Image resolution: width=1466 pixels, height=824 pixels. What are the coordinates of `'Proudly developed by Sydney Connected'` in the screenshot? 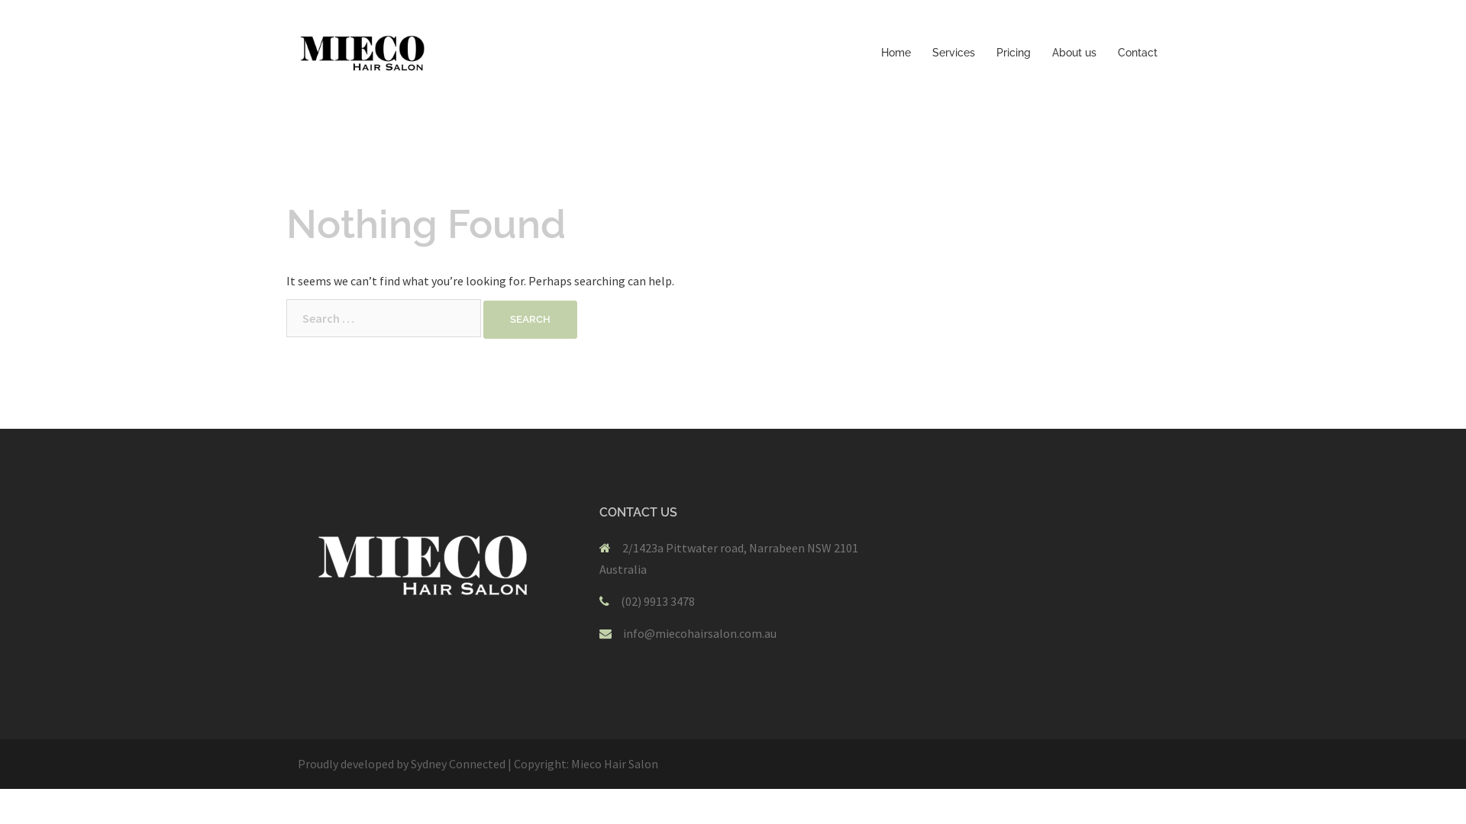 It's located at (402, 764).